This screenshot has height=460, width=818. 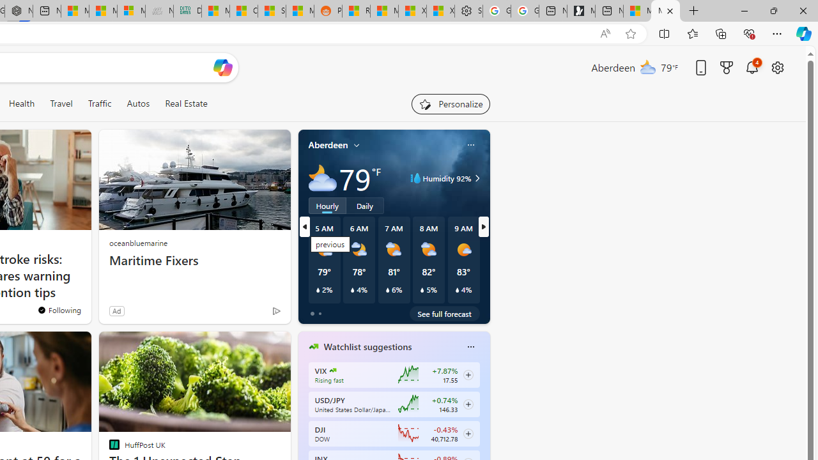 What do you see at coordinates (328, 144) in the screenshot?
I see `'Aberdeen'` at bounding box center [328, 144].